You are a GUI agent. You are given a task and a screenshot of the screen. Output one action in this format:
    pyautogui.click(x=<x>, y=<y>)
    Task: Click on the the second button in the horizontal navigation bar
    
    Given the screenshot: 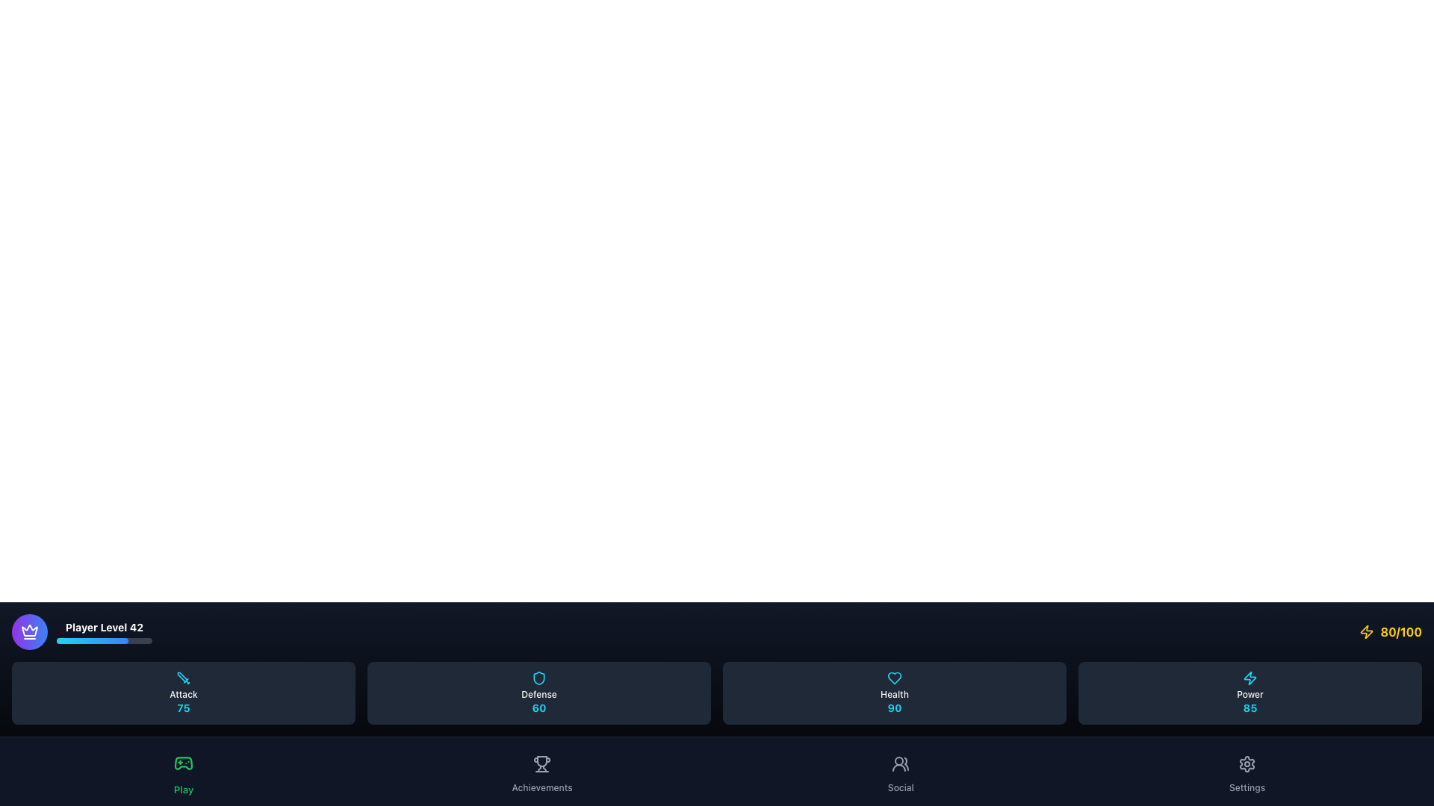 What is the action you would take?
    pyautogui.click(x=541, y=771)
    